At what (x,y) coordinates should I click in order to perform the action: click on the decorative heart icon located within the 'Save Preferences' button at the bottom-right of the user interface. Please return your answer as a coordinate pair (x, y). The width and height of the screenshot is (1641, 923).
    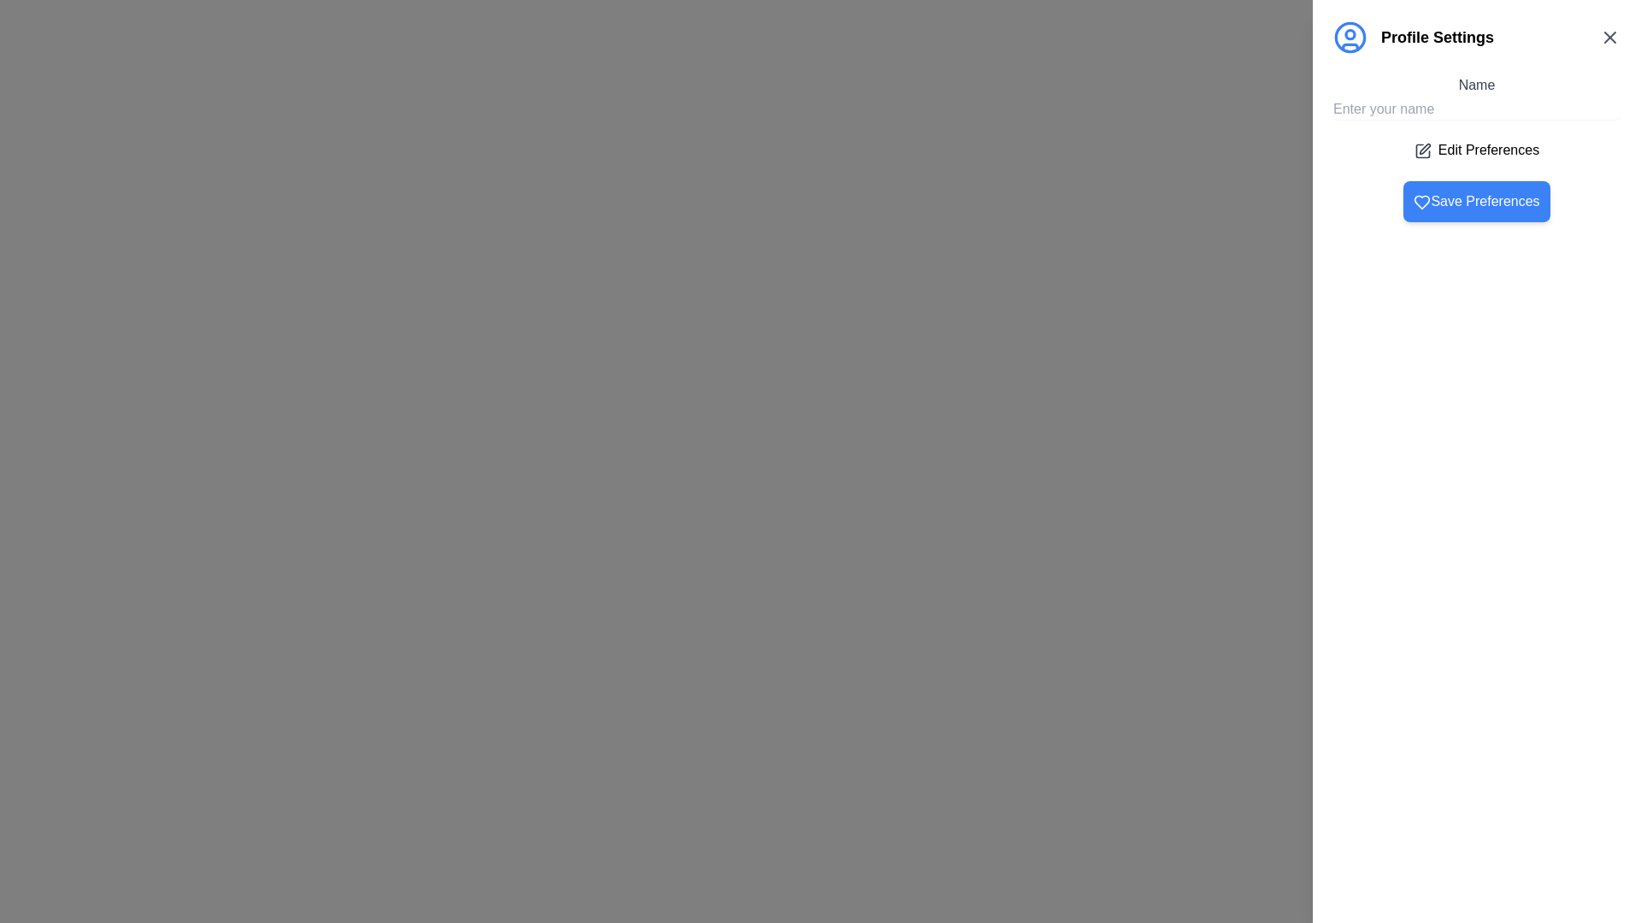
    Looking at the image, I should click on (1422, 201).